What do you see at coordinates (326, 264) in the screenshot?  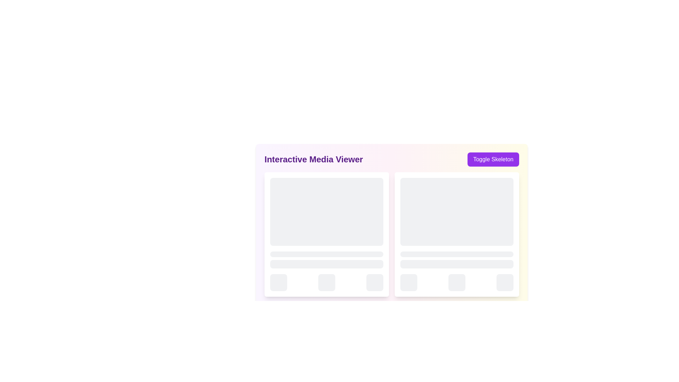 I see `the loading indicator or placeholder block located beneath the first rectangular block in the lower left-side box of the interface` at bounding box center [326, 264].